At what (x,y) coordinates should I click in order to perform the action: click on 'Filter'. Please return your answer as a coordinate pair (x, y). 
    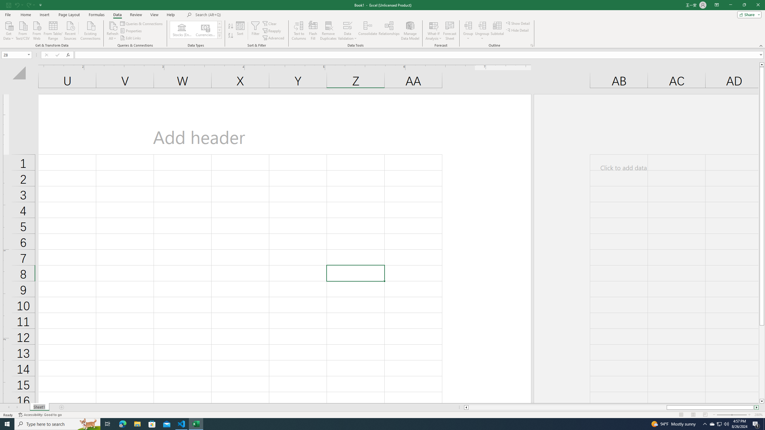
    Looking at the image, I should click on (255, 31).